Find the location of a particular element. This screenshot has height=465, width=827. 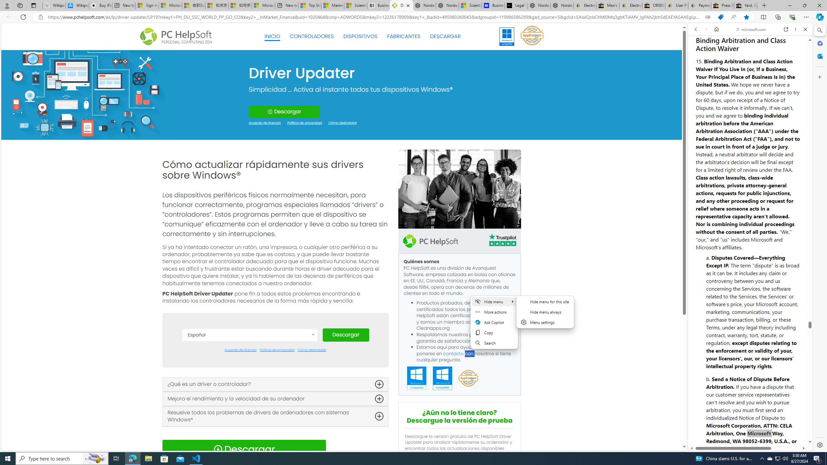

'DESCARGAR' is located at coordinates (445, 36).